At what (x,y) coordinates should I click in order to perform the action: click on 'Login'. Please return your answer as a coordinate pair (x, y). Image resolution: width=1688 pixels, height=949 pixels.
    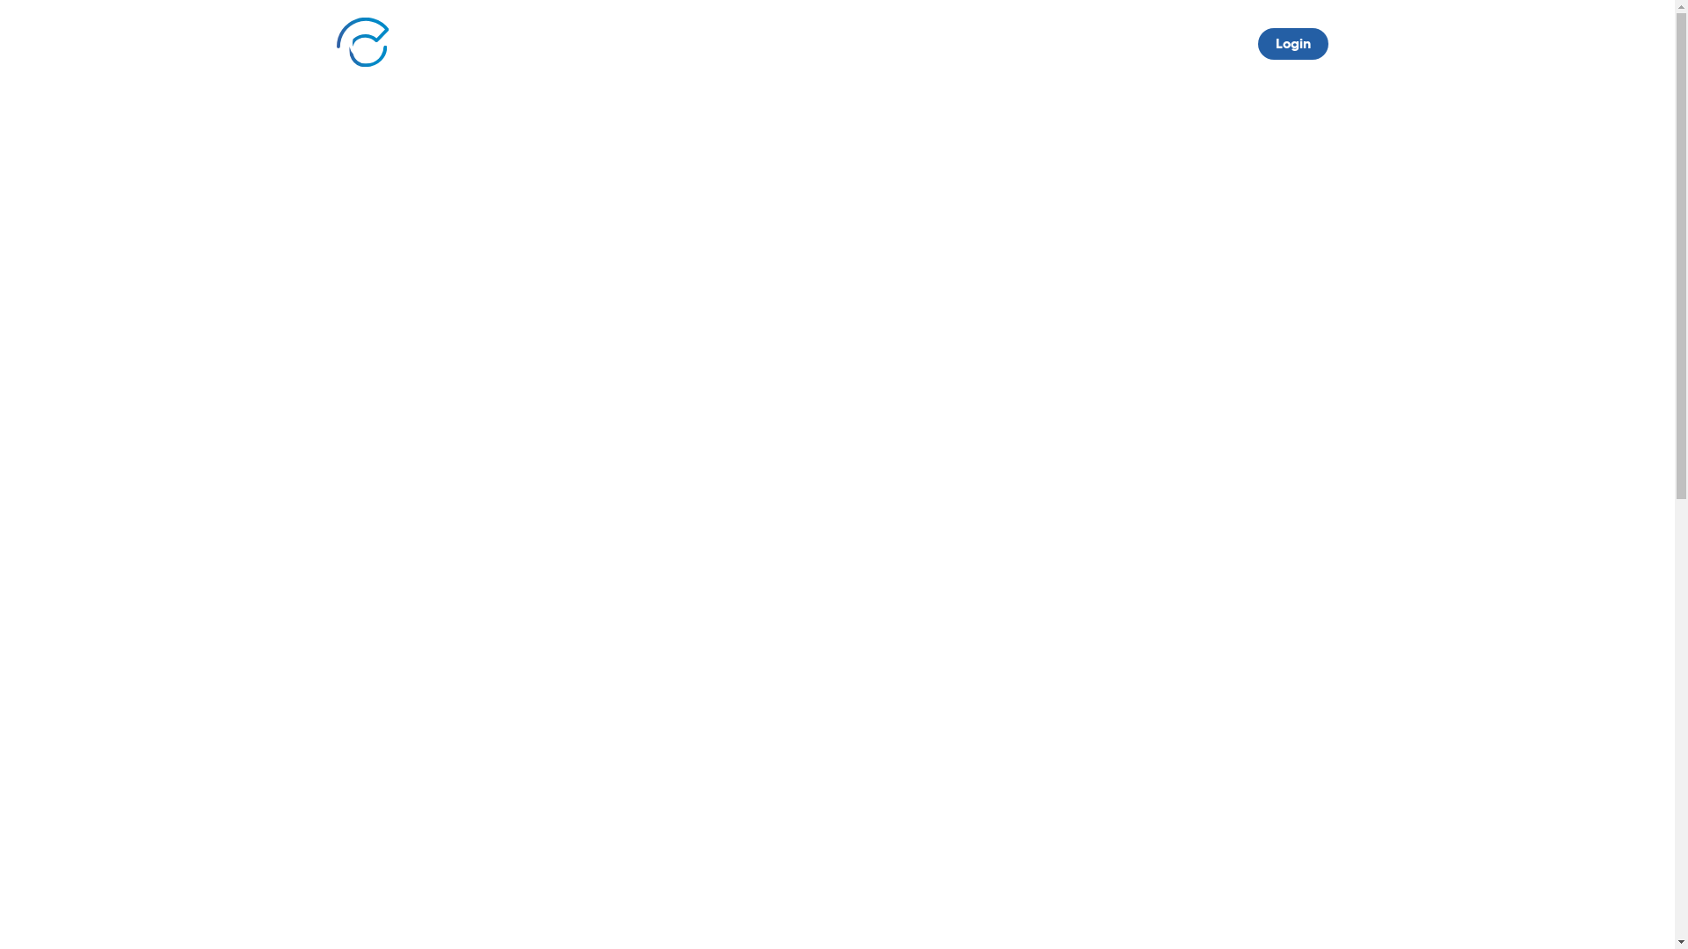
    Looking at the image, I should click on (1291, 43).